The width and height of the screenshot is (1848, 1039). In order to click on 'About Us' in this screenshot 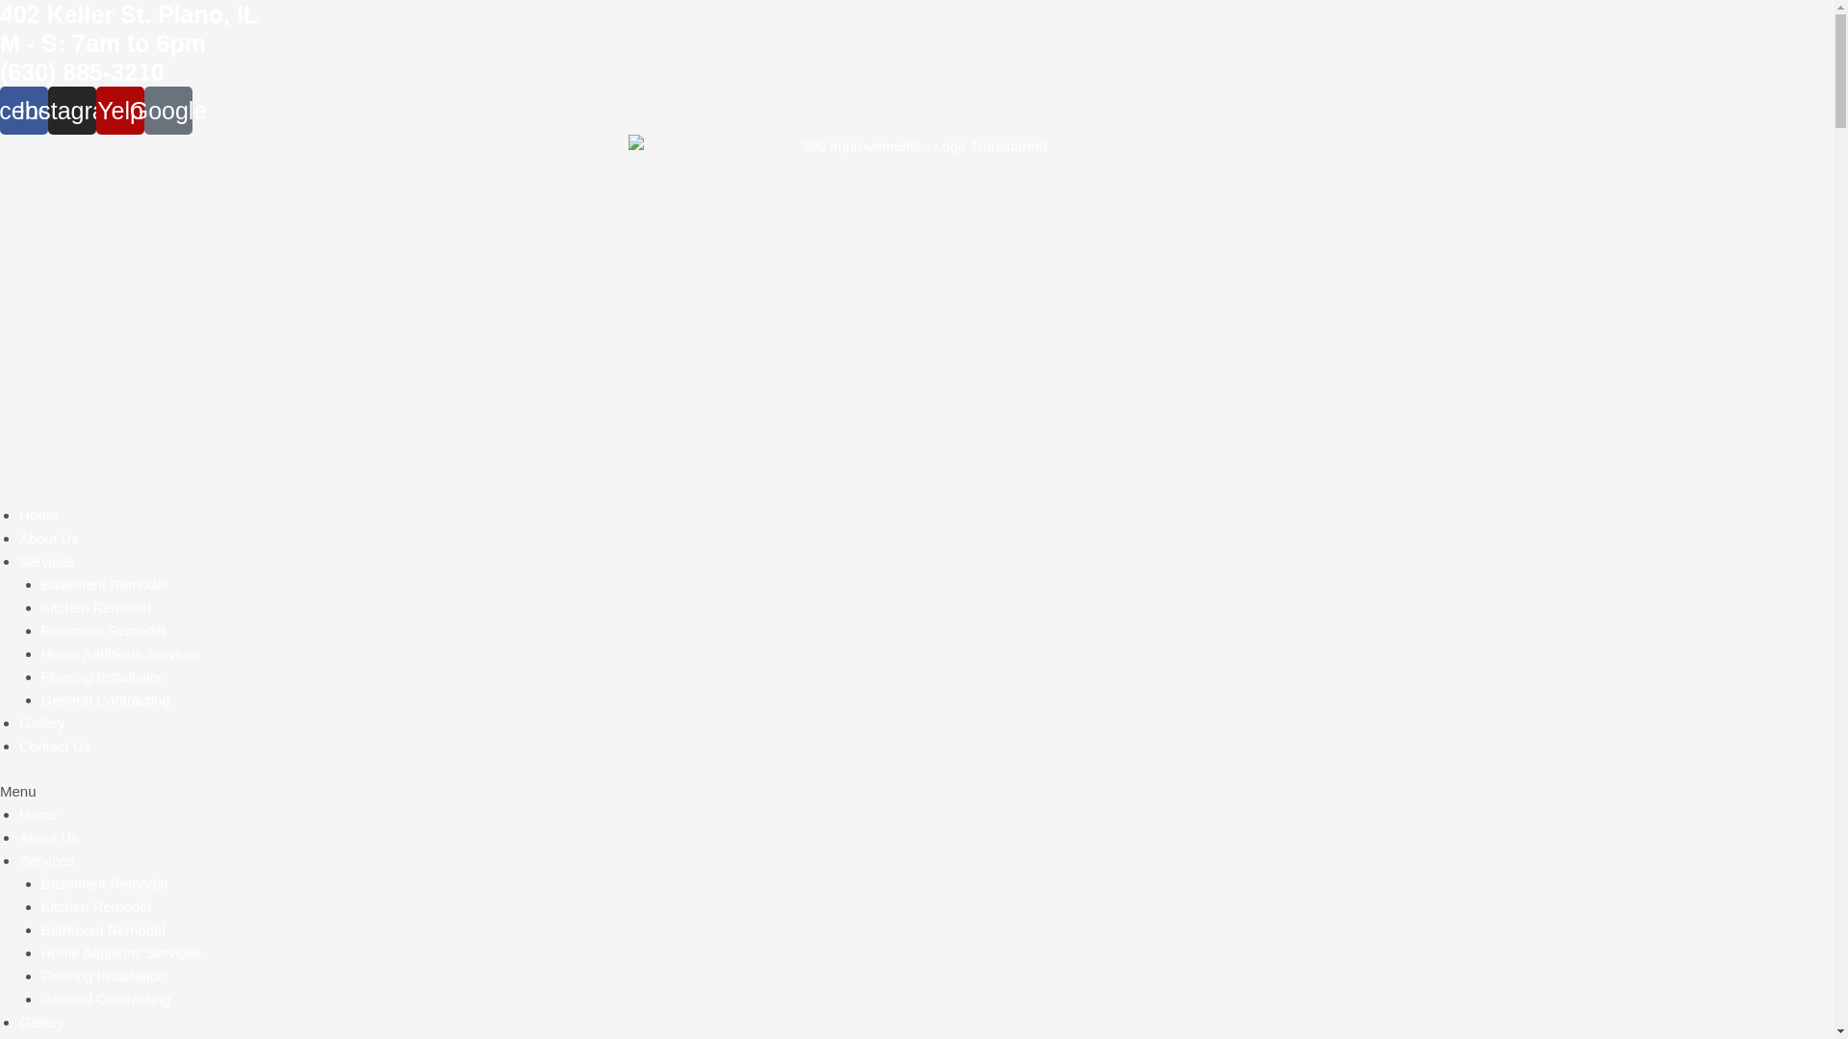, I will do `click(49, 538)`.